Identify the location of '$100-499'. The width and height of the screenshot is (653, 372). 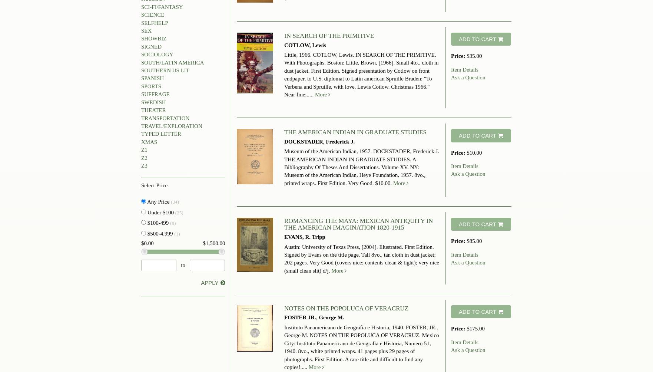
(158, 222).